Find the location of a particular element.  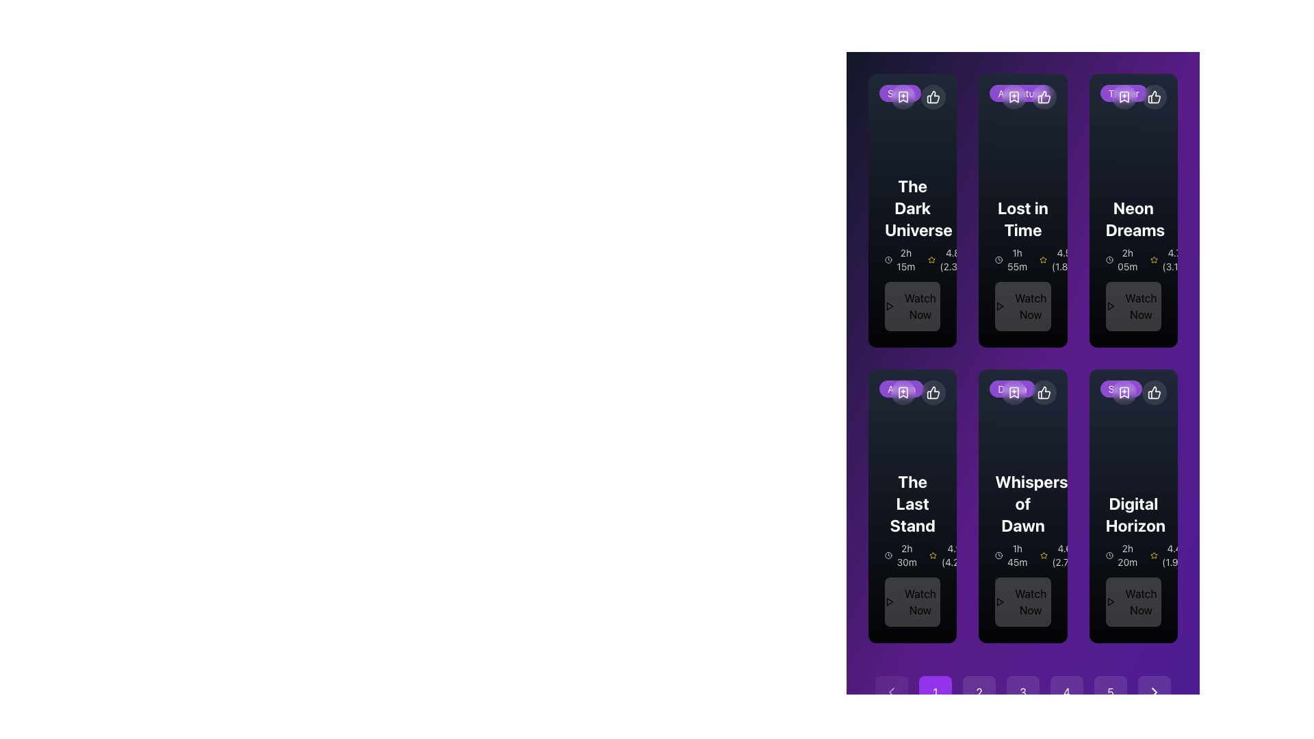

the decorative graphic element within the clock icon located at the top-left corner of the second card in the second row of the grid layout is located at coordinates (999, 556).